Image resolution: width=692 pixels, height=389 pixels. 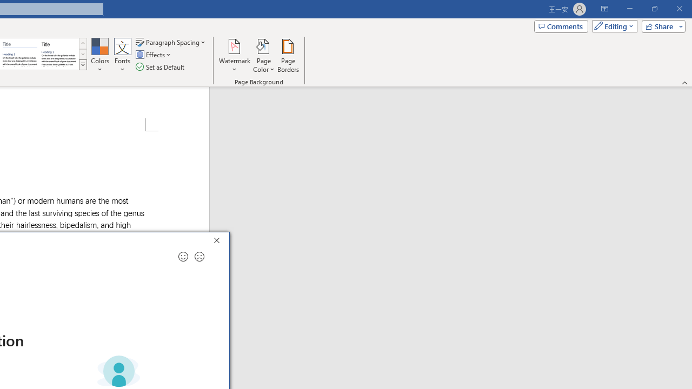 I want to click on 'Word 2010', so click(x=20, y=54).